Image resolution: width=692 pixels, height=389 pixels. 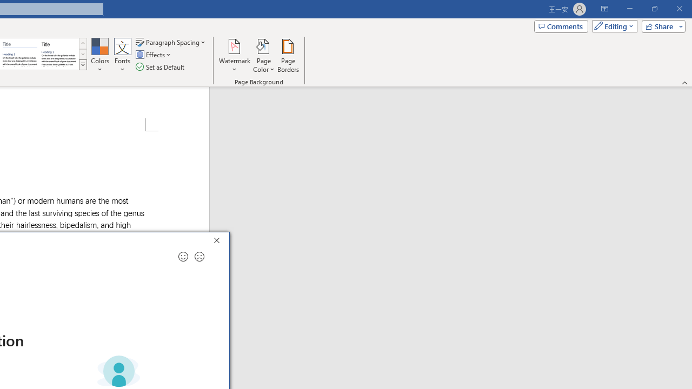 I want to click on 'Word 2010', so click(x=20, y=54).